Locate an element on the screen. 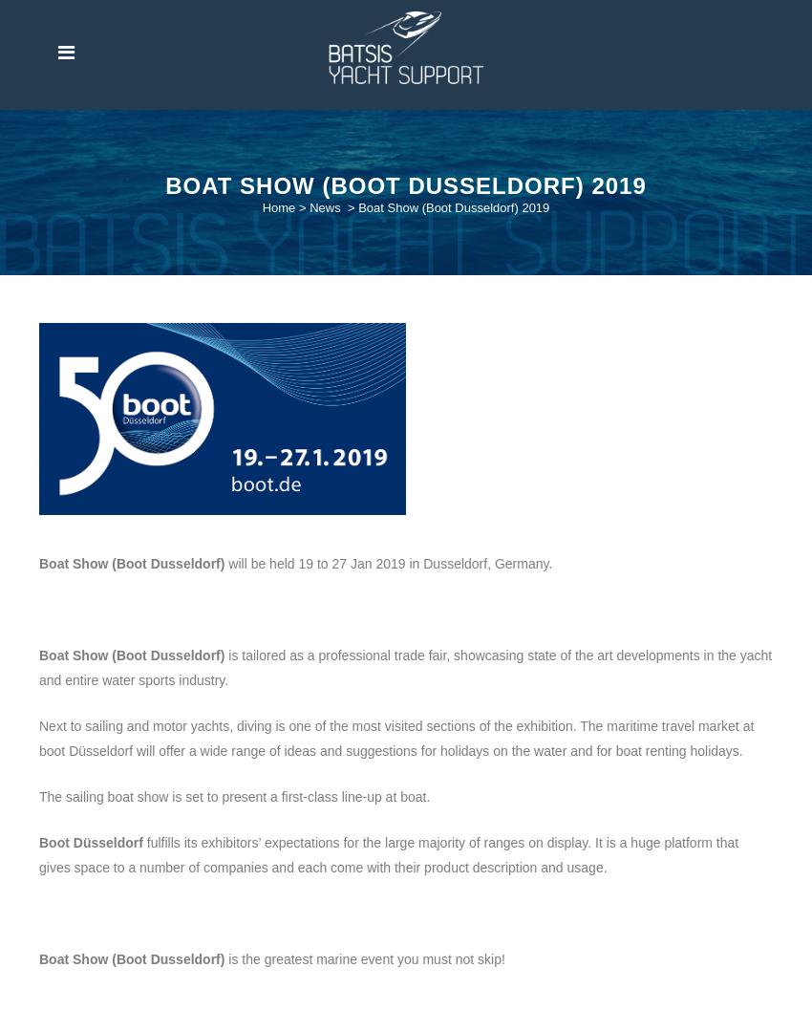  'The sailing boat show is set to present a first-class line-up at boat.' is located at coordinates (234, 795).